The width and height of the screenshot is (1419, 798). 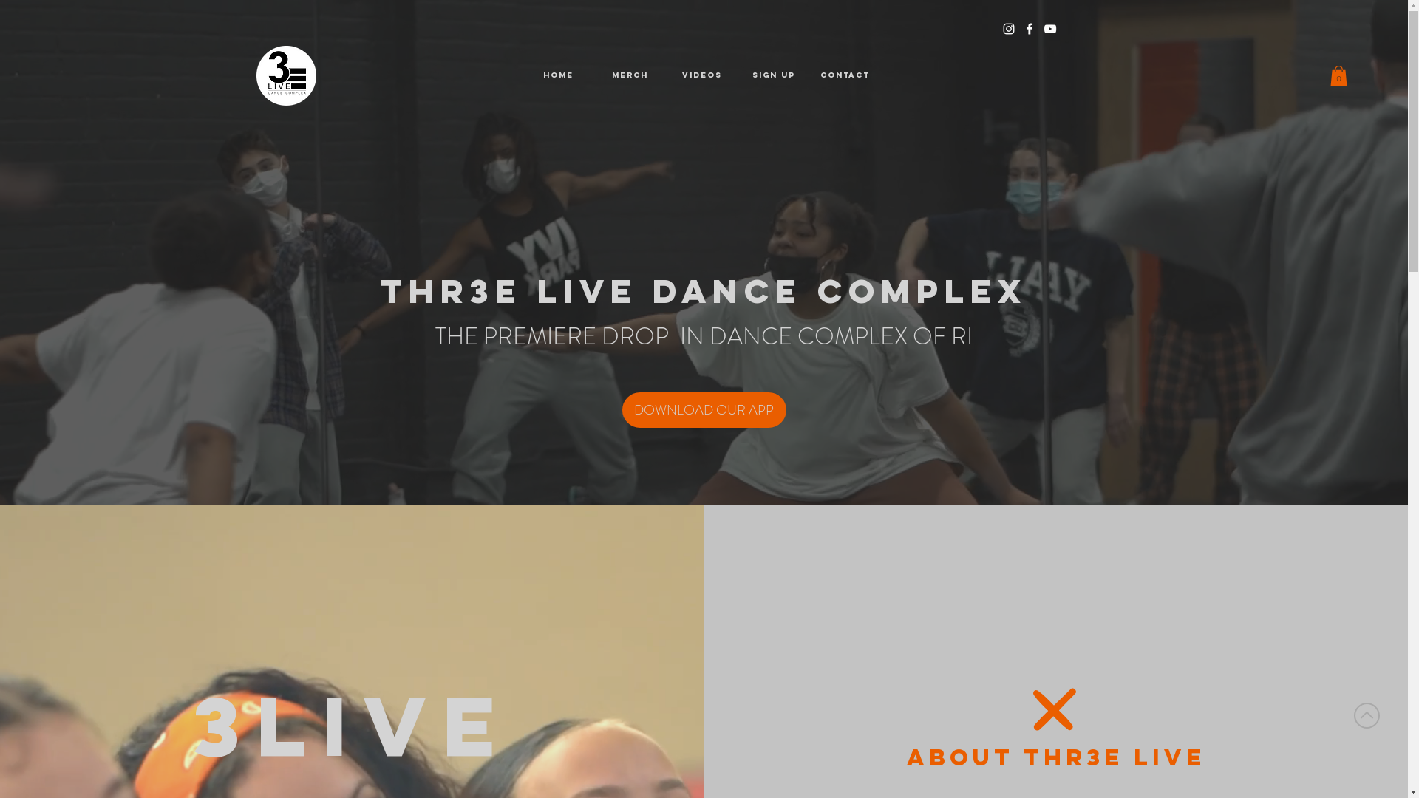 I want to click on 'DOWNLOAD OUR APP', so click(x=704, y=410).